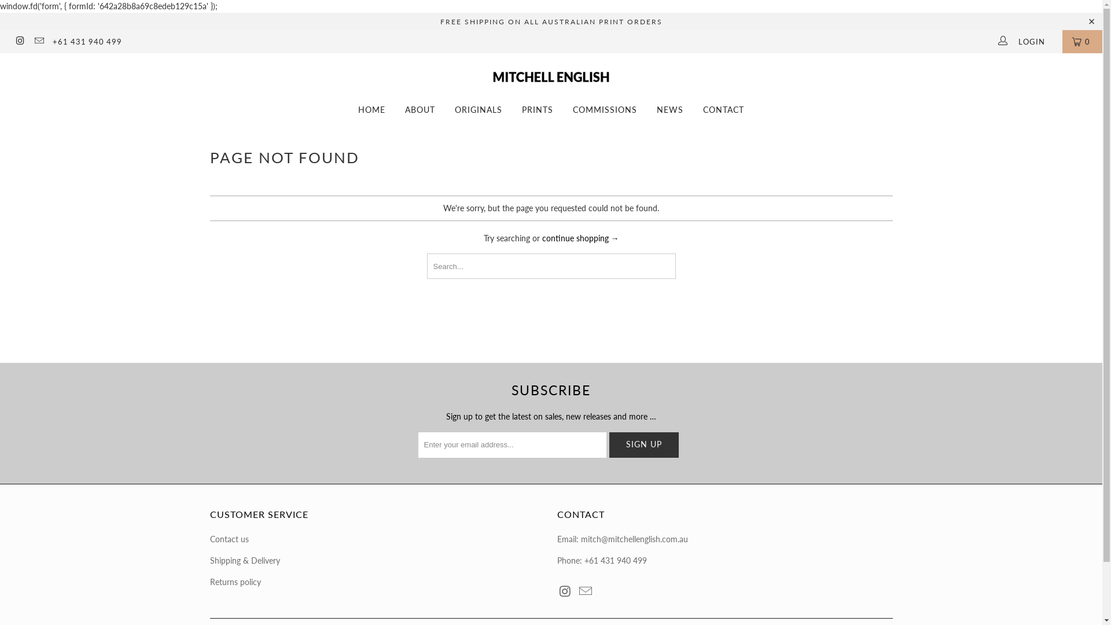  What do you see at coordinates (371, 110) in the screenshot?
I see `'HOME'` at bounding box center [371, 110].